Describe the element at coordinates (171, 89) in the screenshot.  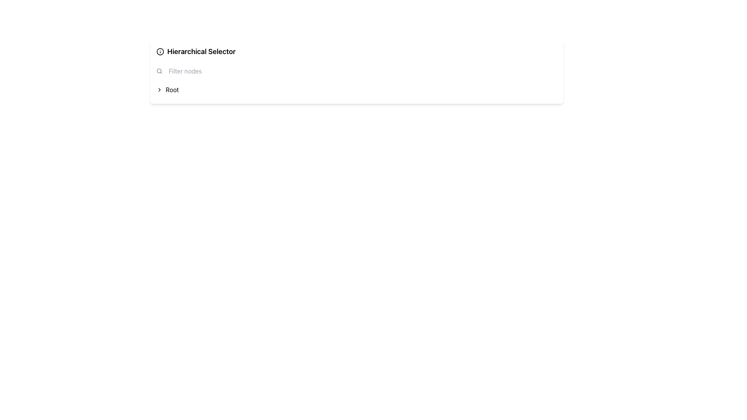
I see `the 'Root' text label, which serves as an identifier for a section in the hierarchical selector, to interact with its associated functionalities` at that location.